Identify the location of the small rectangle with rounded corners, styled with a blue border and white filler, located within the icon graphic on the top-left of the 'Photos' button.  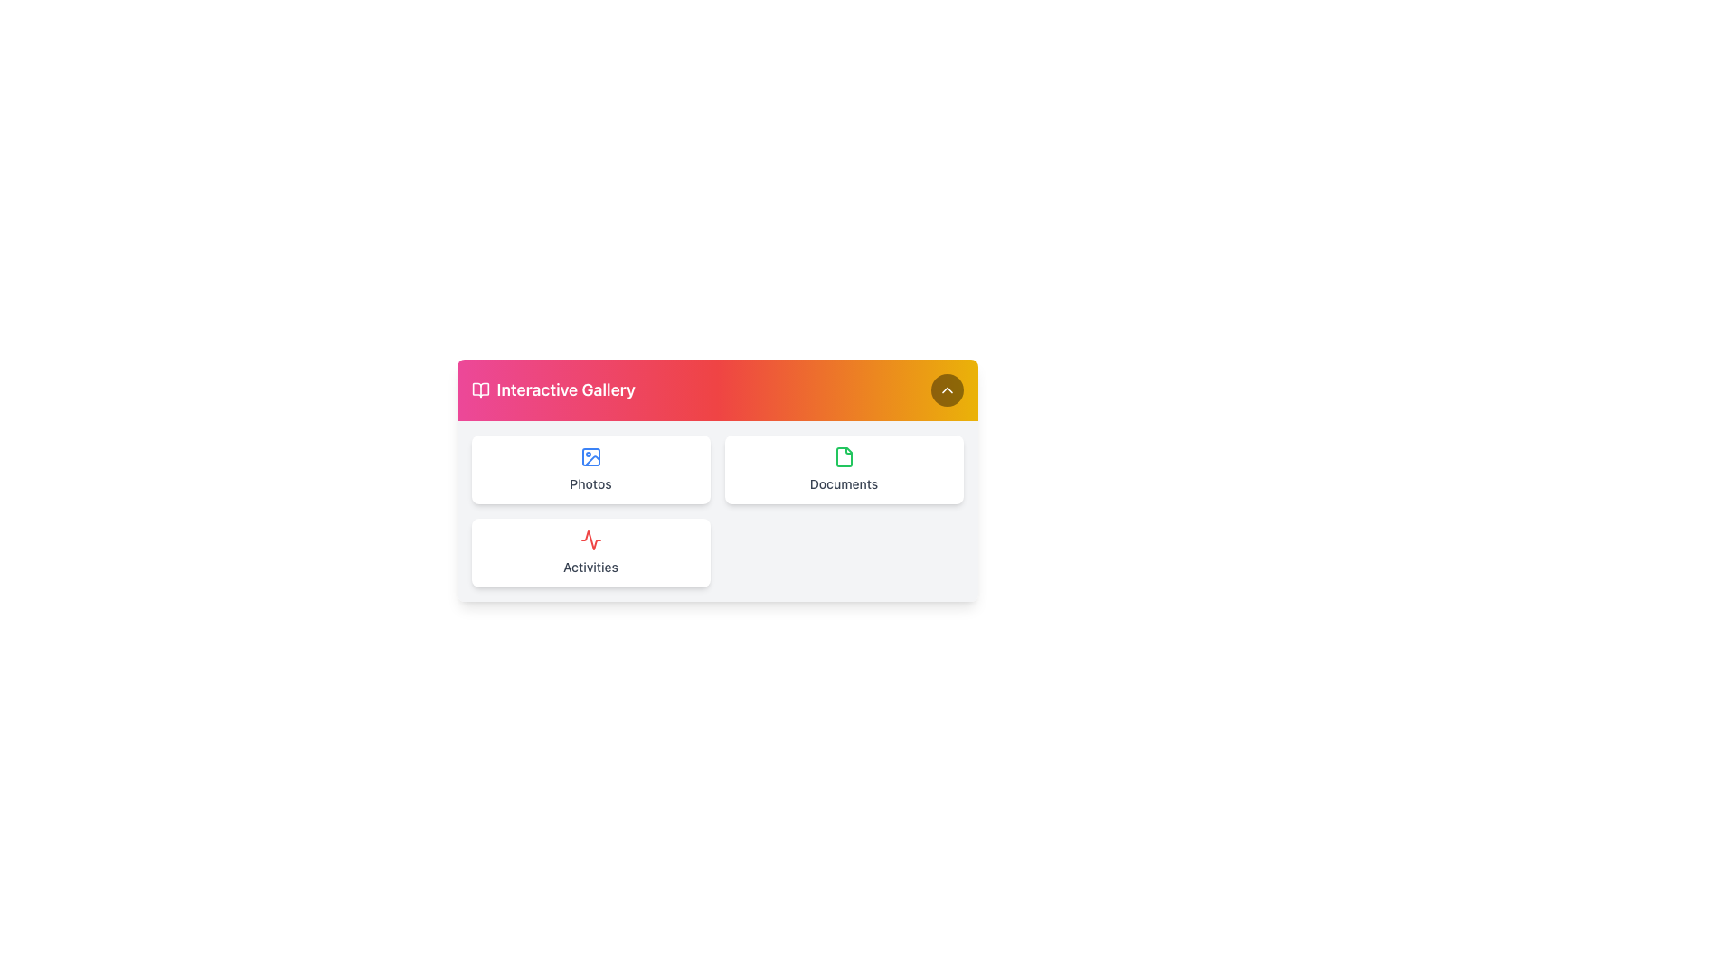
(590, 455).